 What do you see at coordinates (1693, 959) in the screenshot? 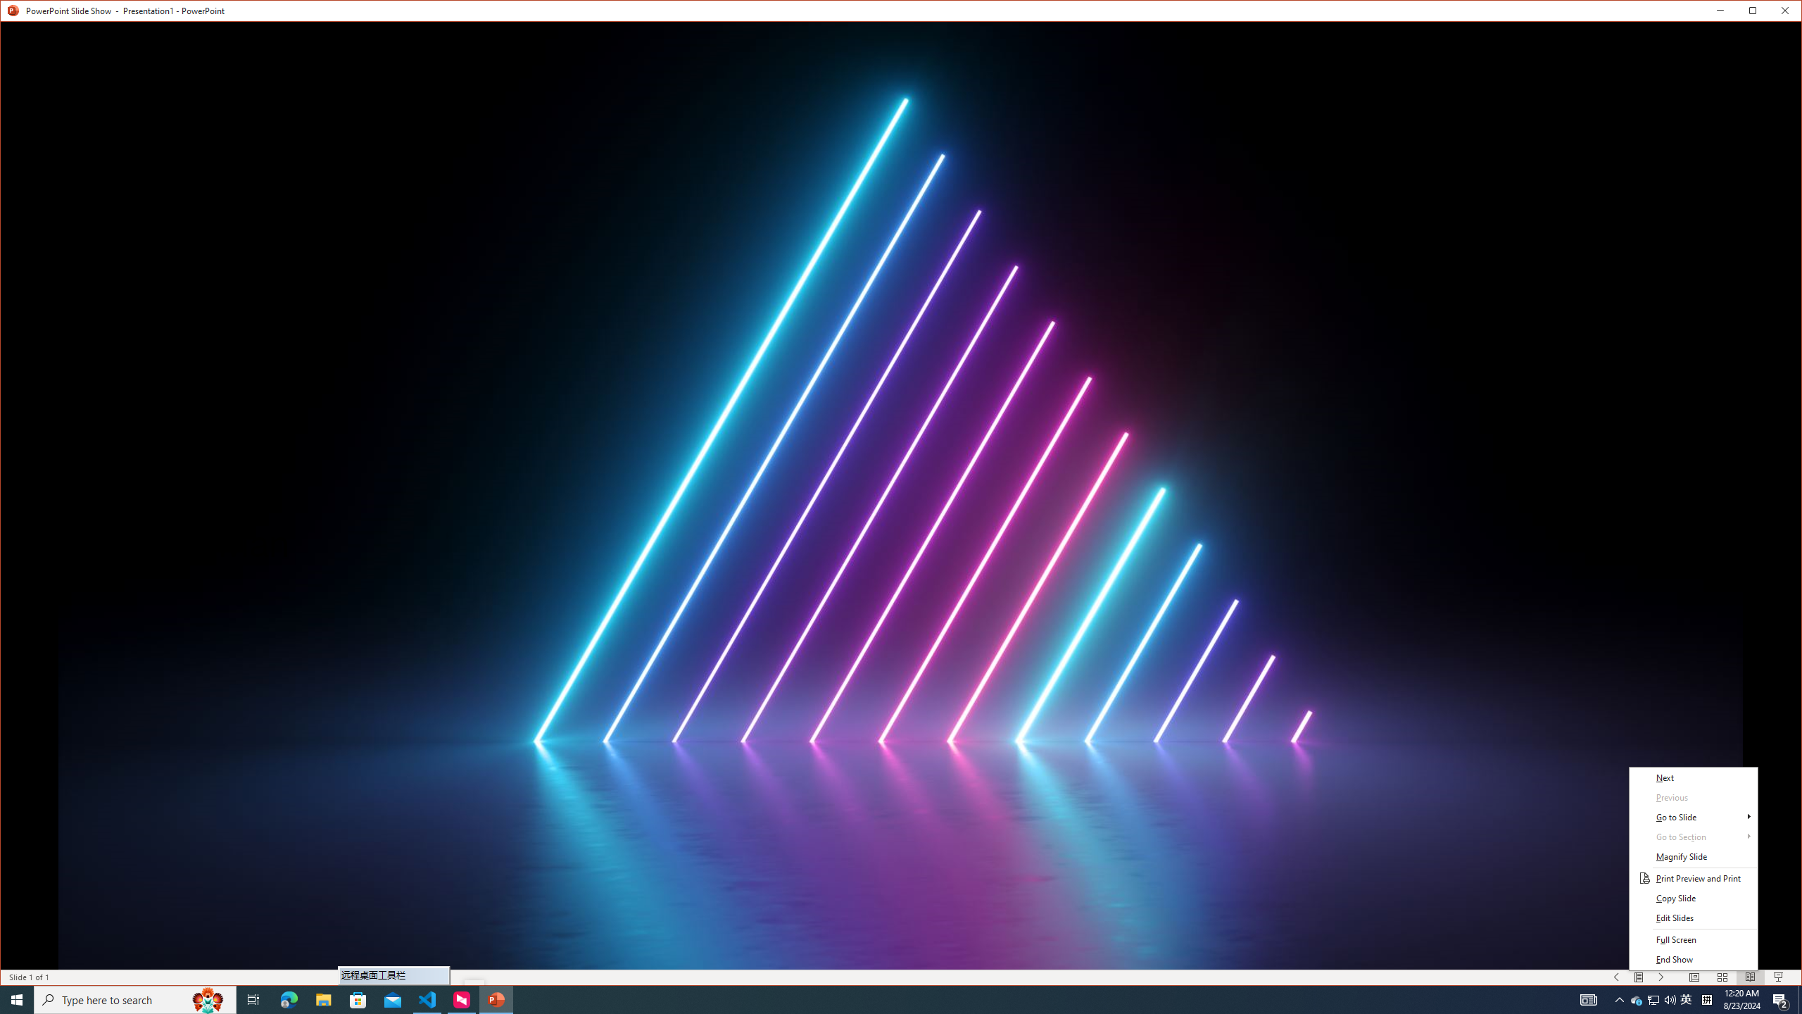
I see `'End Show'` at bounding box center [1693, 959].